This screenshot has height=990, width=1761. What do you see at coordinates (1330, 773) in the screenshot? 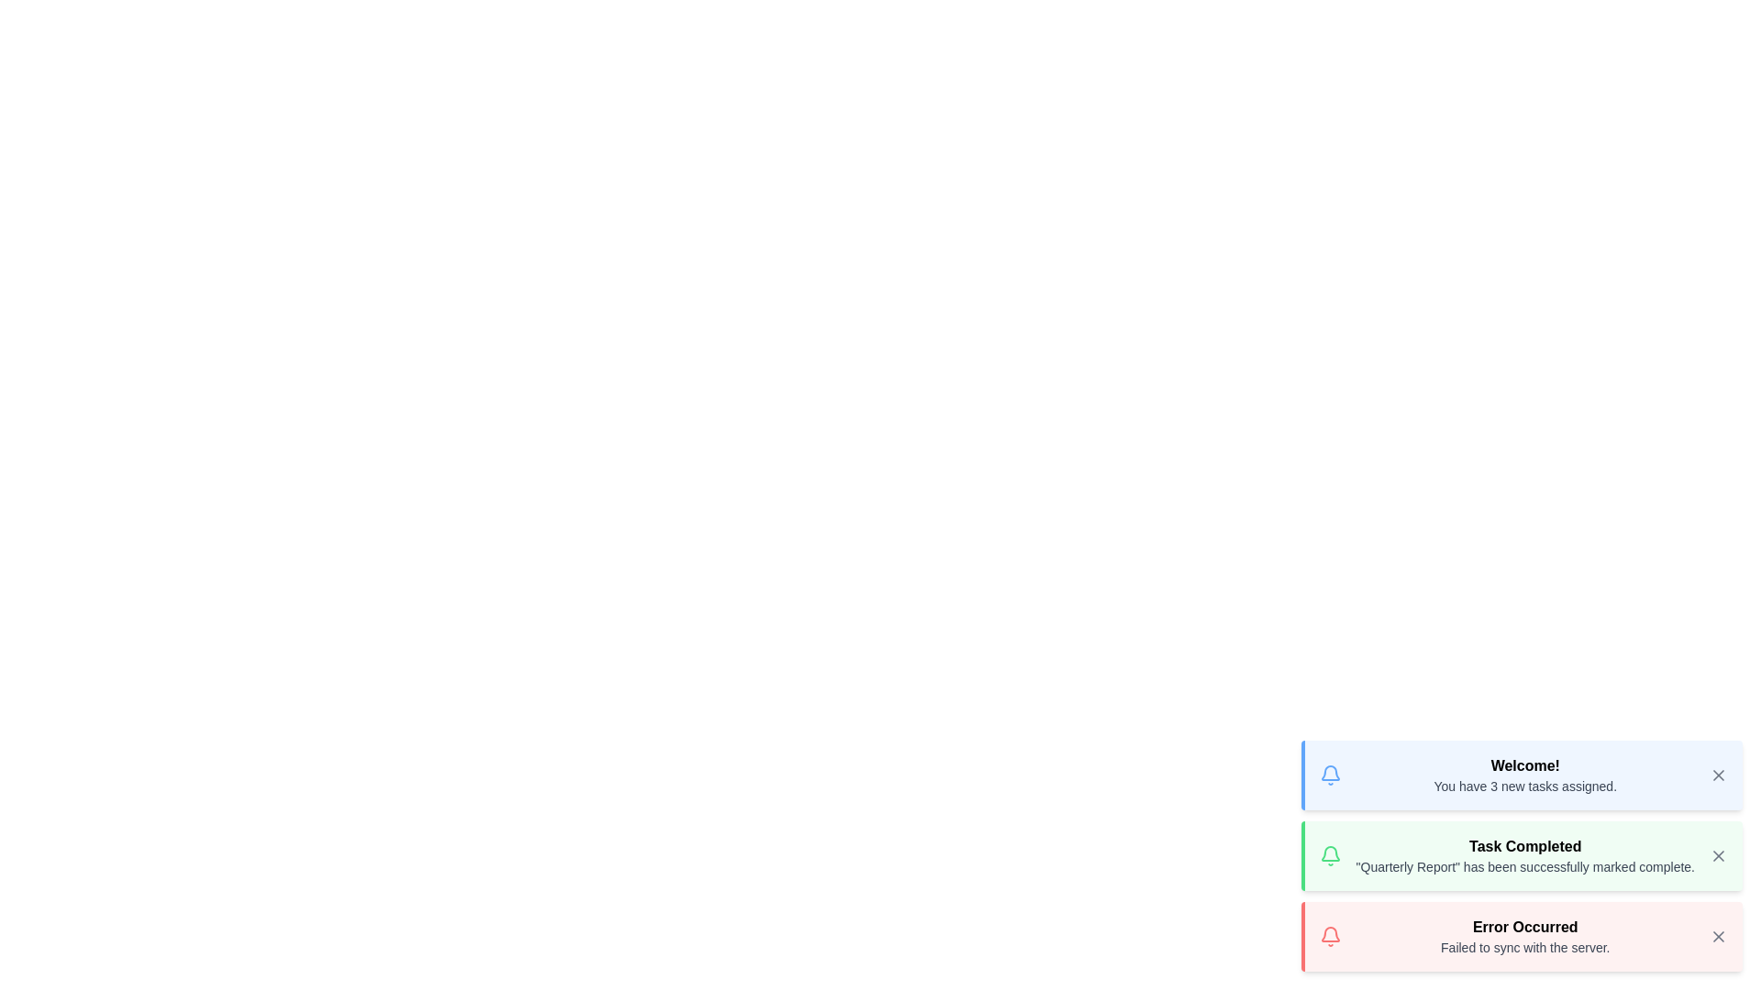
I see `the decorative blue graphic component of the bell icon located in the upper-right portion of the interface` at bounding box center [1330, 773].